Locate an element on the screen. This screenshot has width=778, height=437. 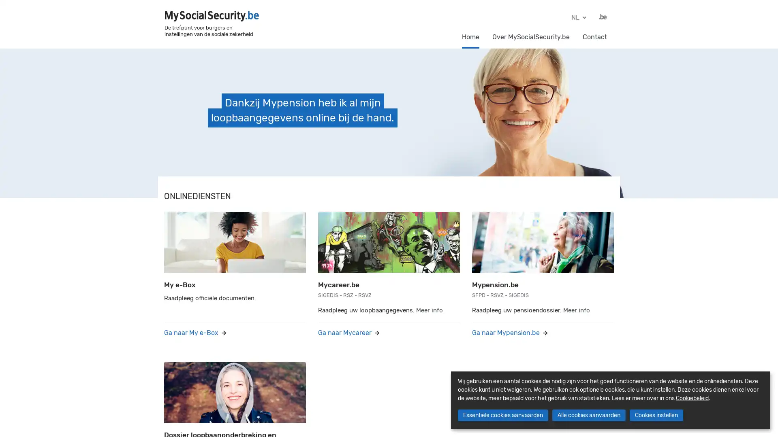
Alle cookies aanvaarden is located at coordinates (588, 415).